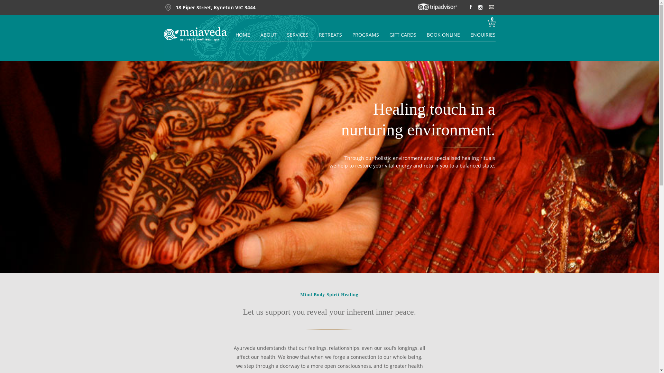  Describe the element at coordinates (480, 7) in the screenshot. I see `' '` at that location.